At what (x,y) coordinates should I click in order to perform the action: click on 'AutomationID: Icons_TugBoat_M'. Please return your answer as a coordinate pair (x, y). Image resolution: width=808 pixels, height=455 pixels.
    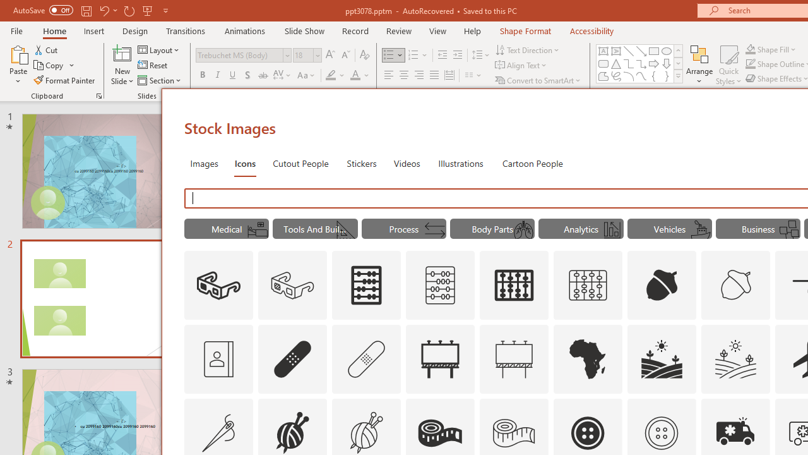
    Looking at the image, I should click on (699, 230).